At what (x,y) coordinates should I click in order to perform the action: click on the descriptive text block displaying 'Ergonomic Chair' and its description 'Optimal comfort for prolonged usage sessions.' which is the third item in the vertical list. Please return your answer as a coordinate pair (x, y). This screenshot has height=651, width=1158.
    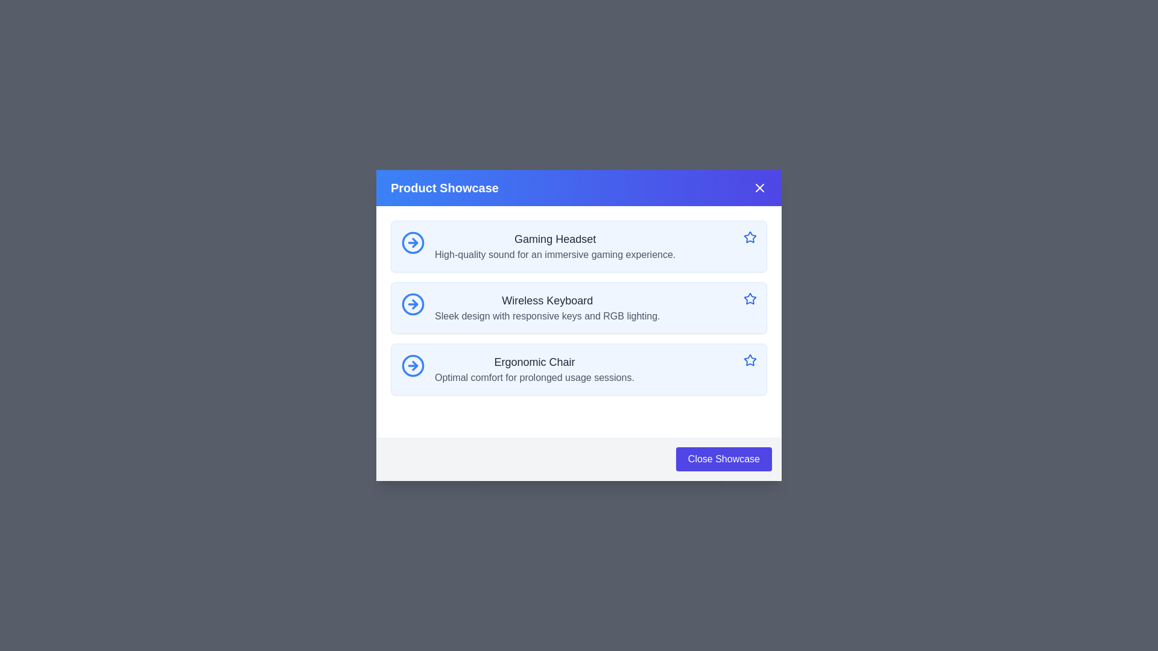
    Looking at the image, I should click on (534, 369).